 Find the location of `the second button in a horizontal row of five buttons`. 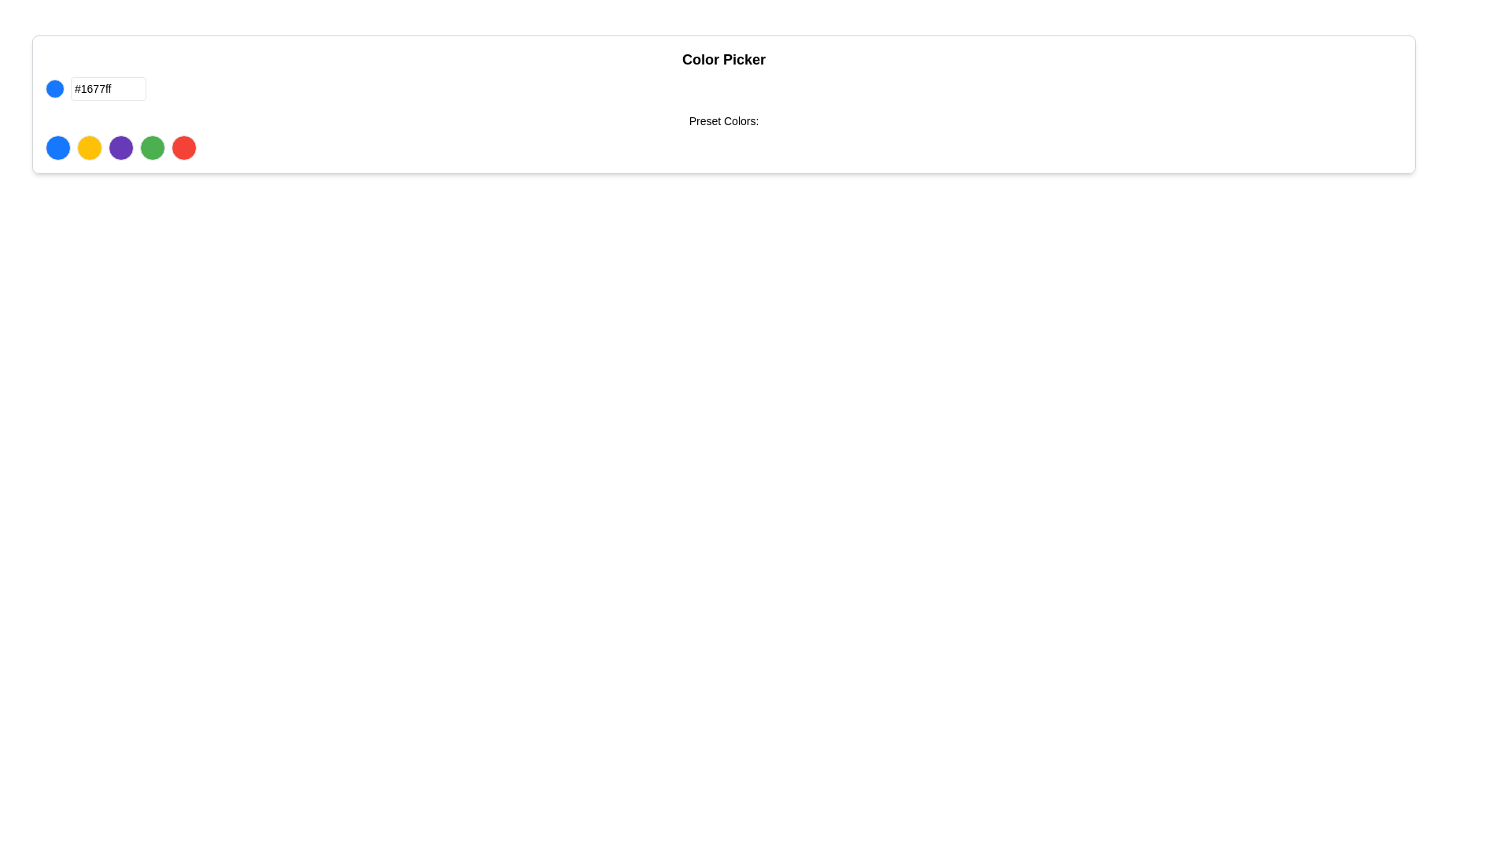

the second button in a horizontal row of five buttons is located at coordinates (89, 148).